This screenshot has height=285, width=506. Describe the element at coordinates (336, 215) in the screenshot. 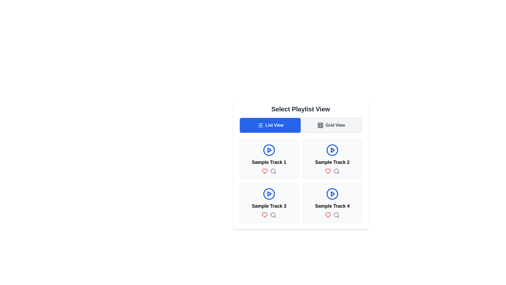

I see `the search or zoom-in icon located to the right of the heart-shaped icon in the card labeled 'Sample Track 4'` at that location.